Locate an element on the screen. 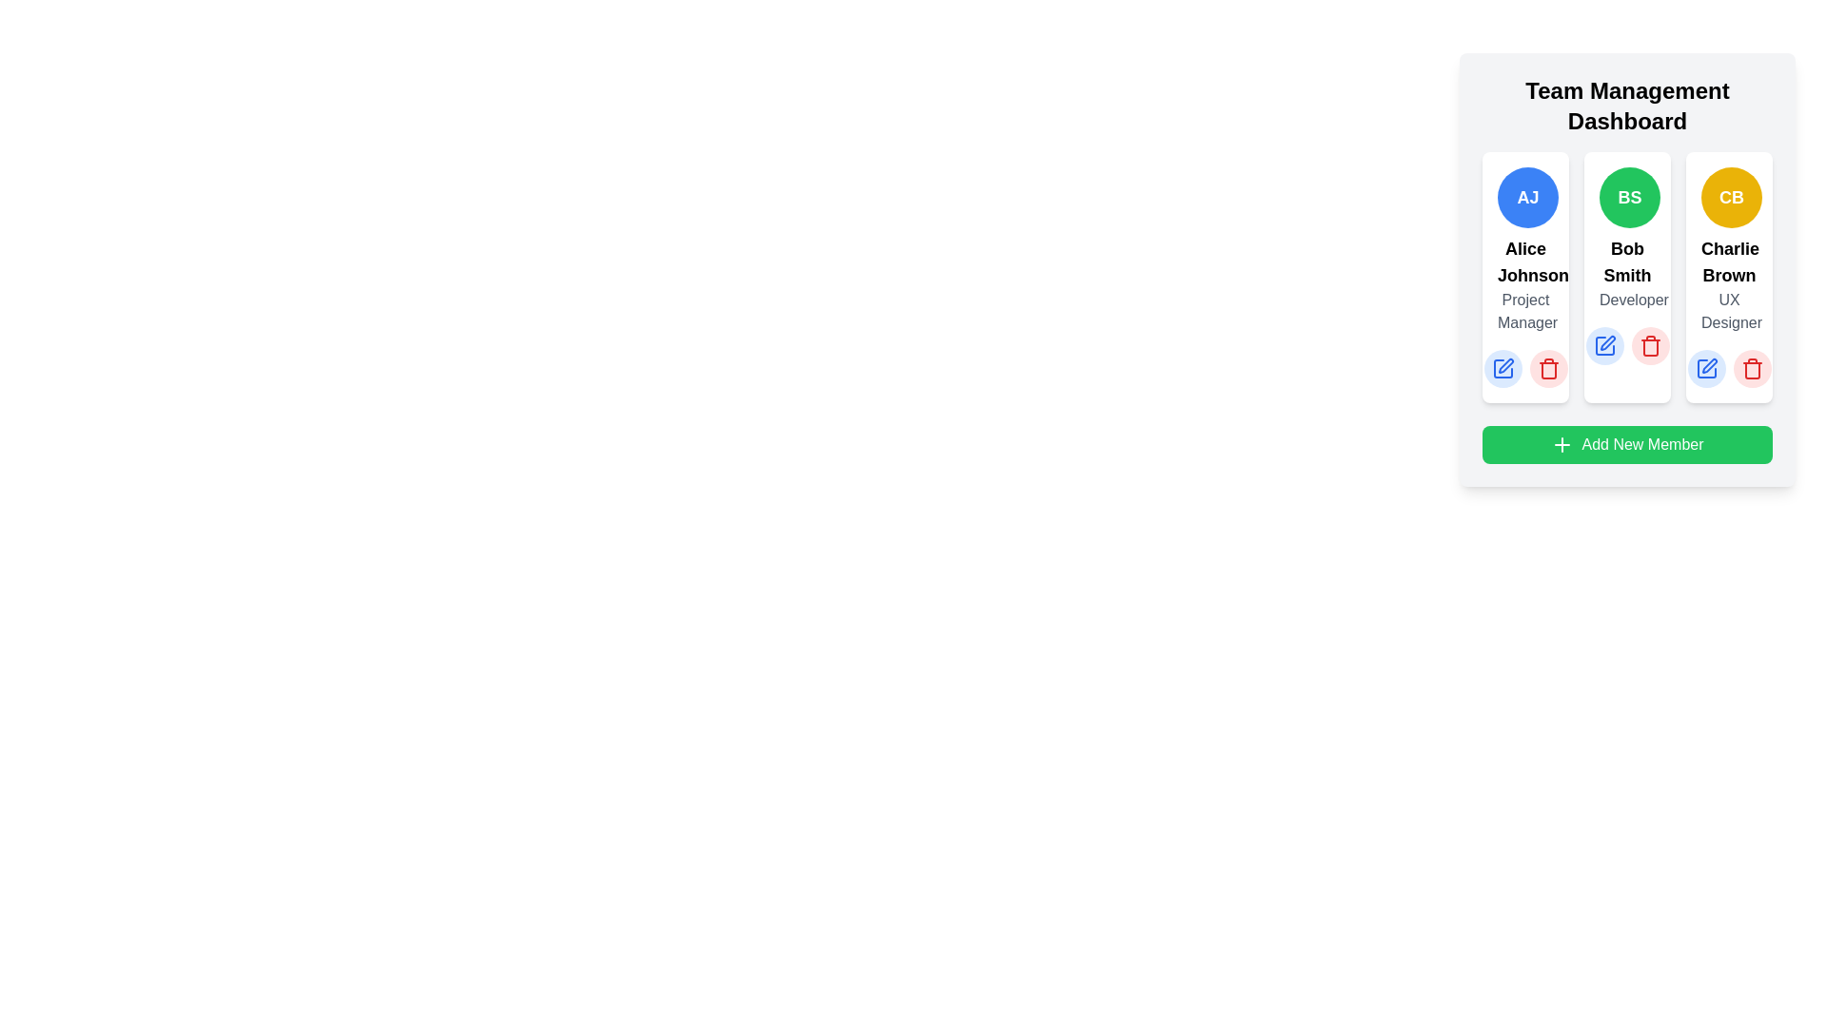 The image size is (1827, 1027). the button located at the bottom of the 'Team Management Dashboard' to initiate adding a new member is located at coordinates (1626, 444).